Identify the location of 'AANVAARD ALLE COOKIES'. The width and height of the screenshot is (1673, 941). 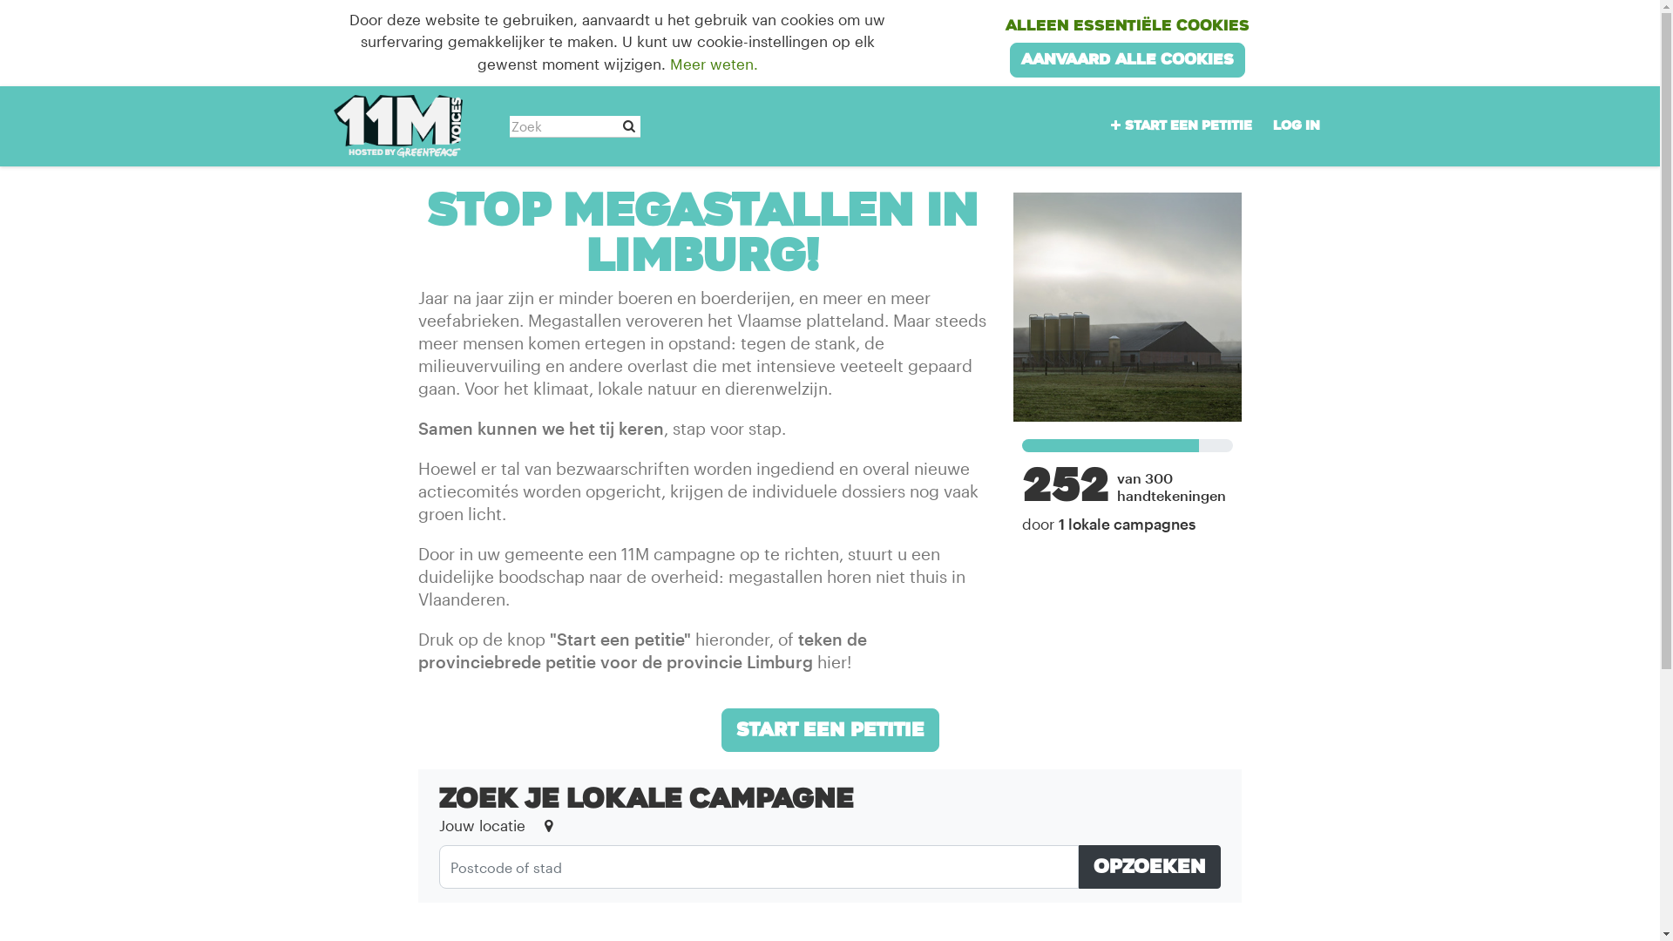
(1128, 58).